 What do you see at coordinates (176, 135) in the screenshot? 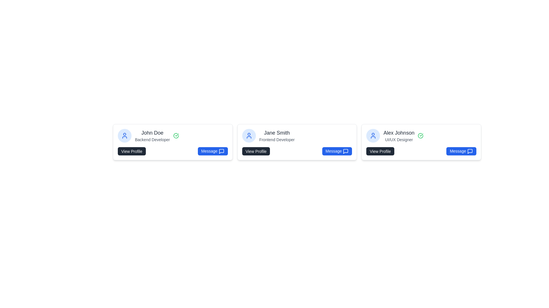
I see `the verification icon component that indicates a verified status for the individual named 'John Doe', positioned to the right of 'Backend Developer'` at bounding box center [176, 135].